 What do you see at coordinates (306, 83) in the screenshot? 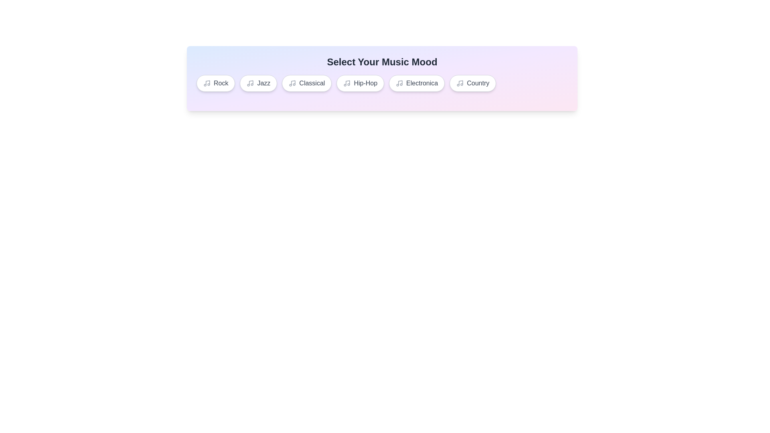
I see `the music tag Classical from the list` at bounding box center [306, 83].